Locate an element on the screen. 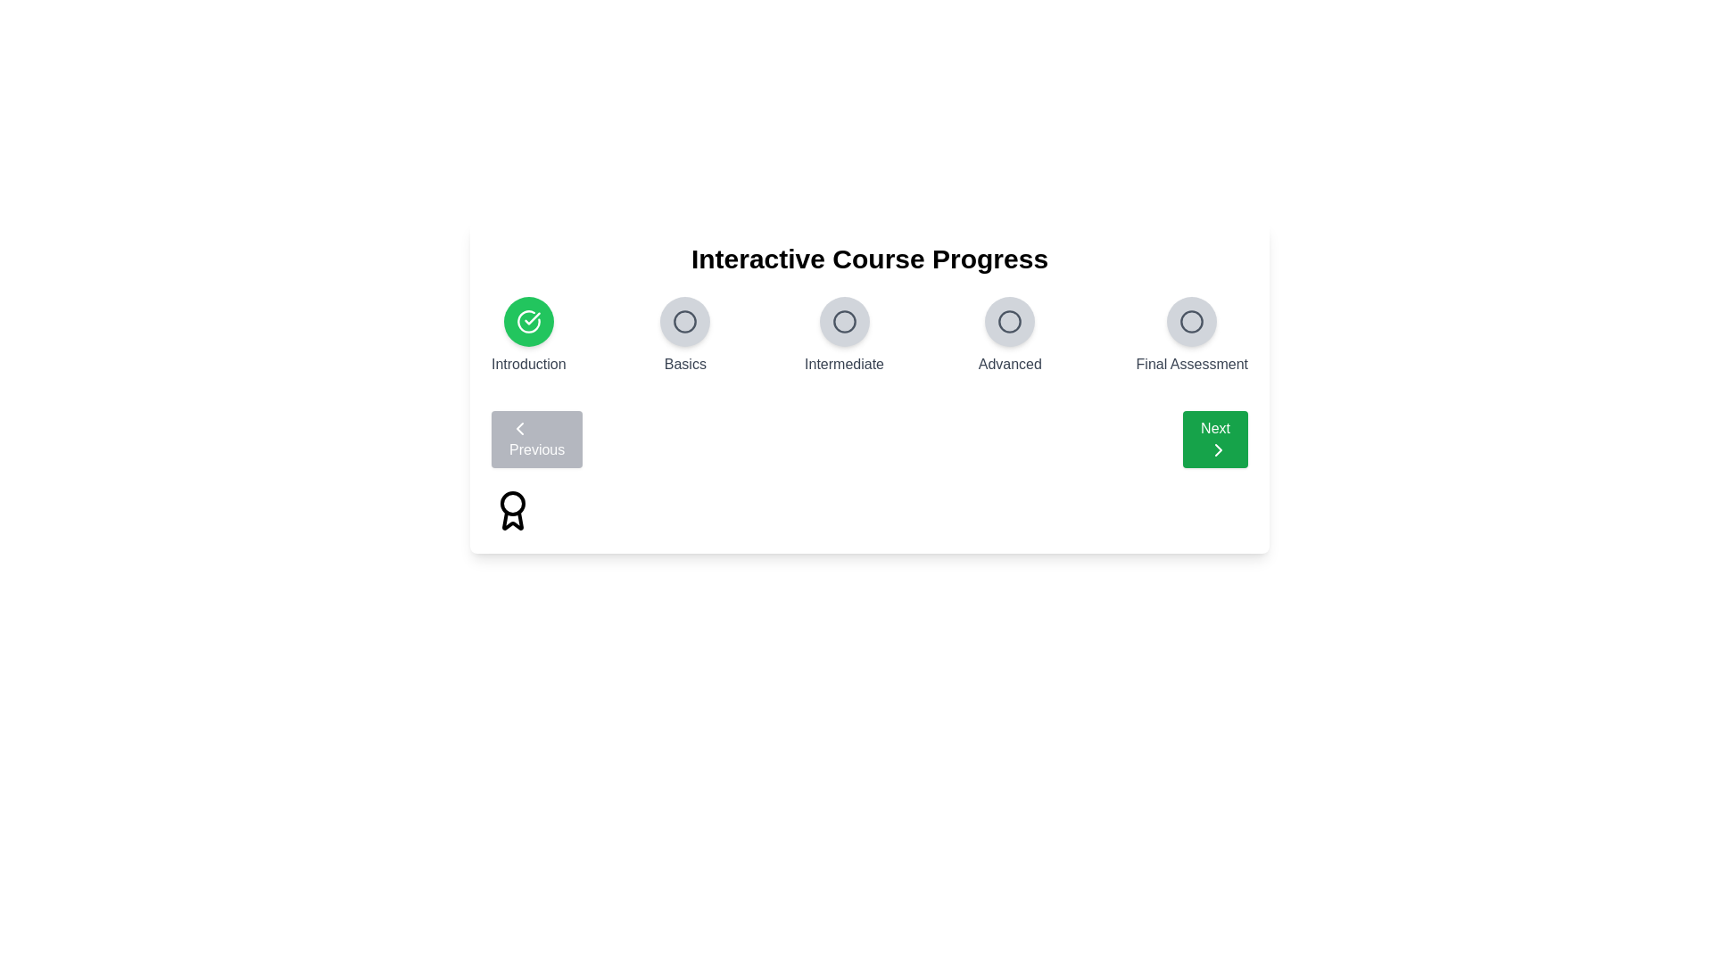  the 'Previous' button, which has a light gray background, white text, rounded corners, and a left-pointing arrow icon is located at coordinates (536, 440).